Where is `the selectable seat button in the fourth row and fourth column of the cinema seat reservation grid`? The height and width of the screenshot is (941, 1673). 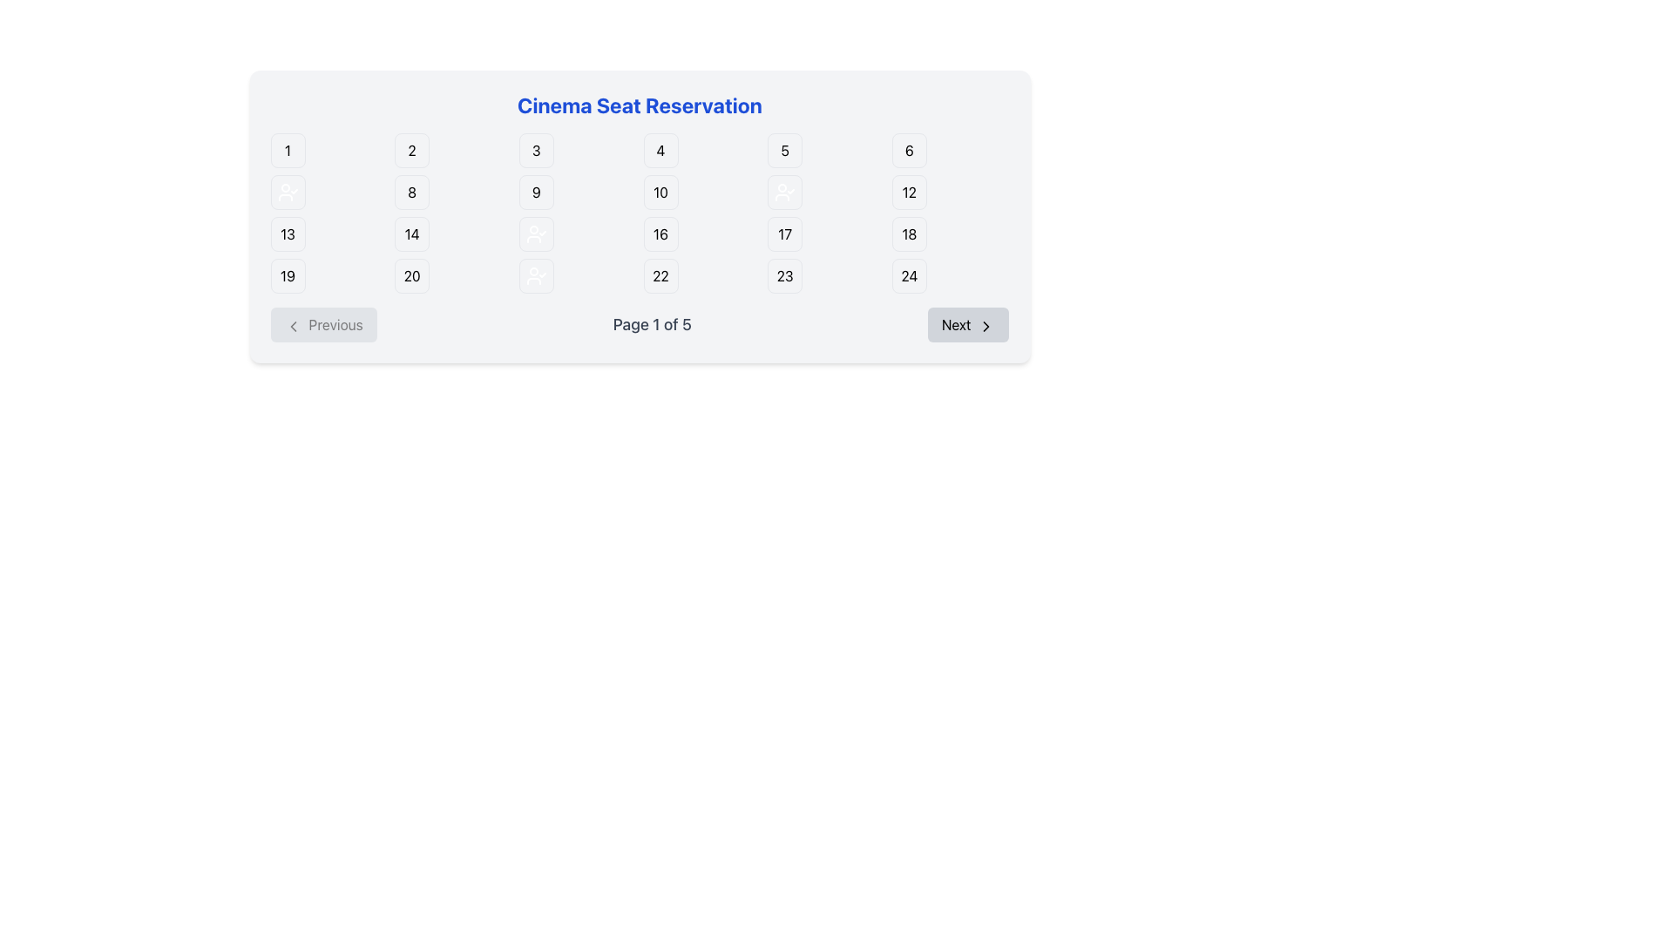 the selectable seat button in the fourth row and fourth column of the cinema seat reservation grid is located at coordinates (660, 234).